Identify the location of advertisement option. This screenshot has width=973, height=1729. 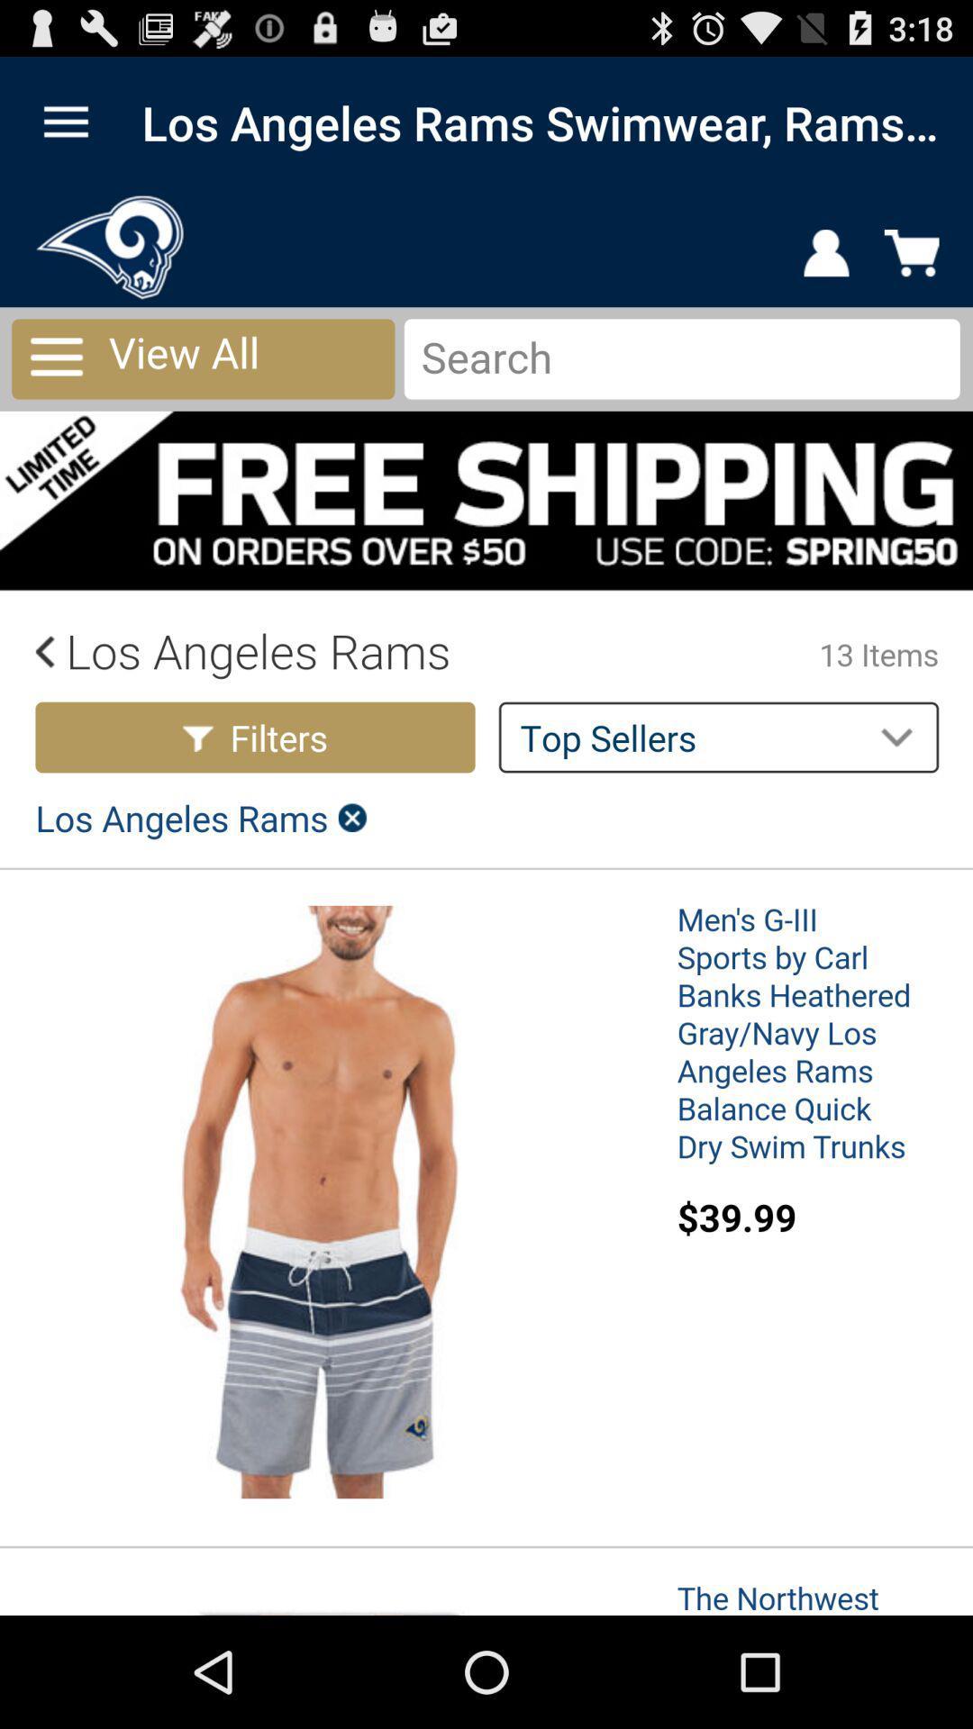
(486, 902).